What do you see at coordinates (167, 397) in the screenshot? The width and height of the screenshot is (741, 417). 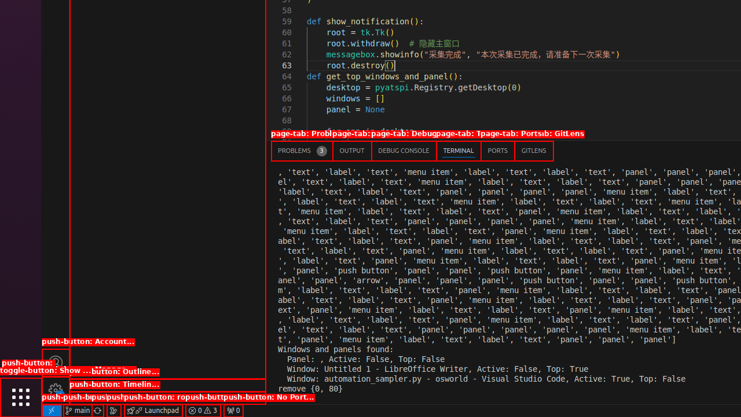 I see `'Timeline Section'` at bounding box center [167, 397].